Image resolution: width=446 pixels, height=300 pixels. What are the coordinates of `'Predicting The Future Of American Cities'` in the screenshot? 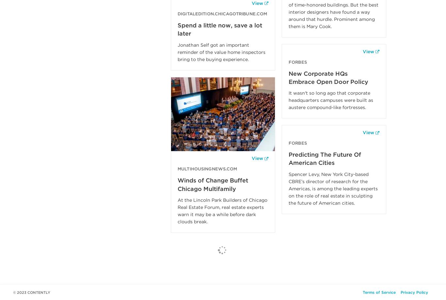 It's located at (288, 158).